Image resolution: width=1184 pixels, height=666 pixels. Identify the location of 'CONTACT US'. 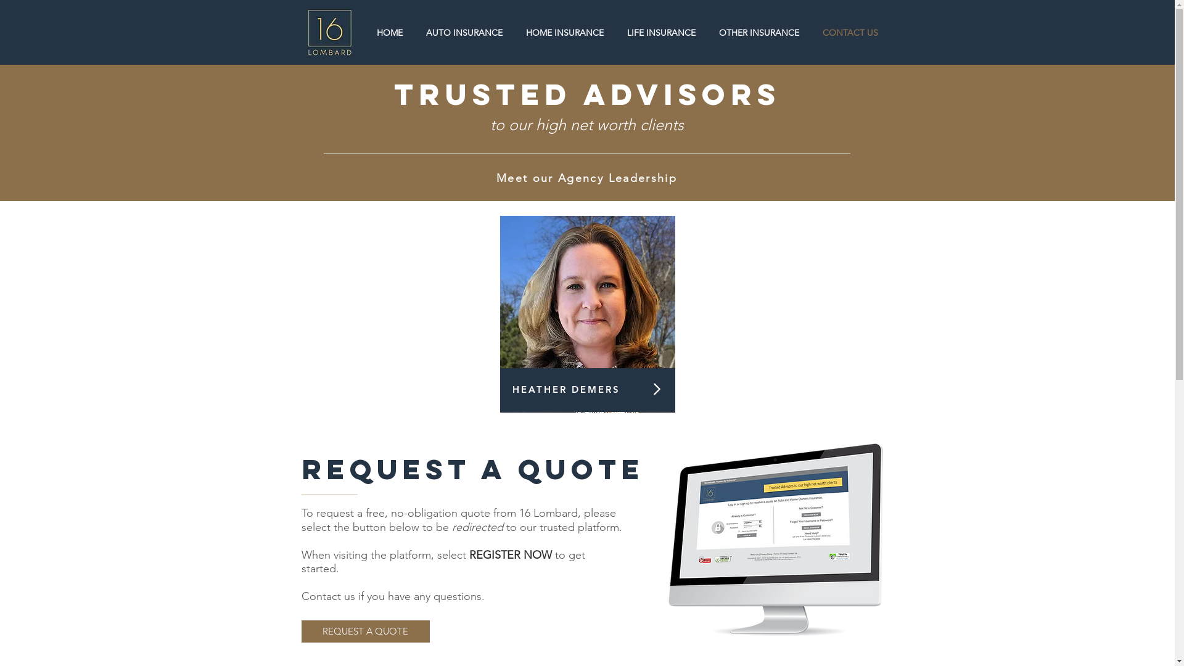
(849, 32).